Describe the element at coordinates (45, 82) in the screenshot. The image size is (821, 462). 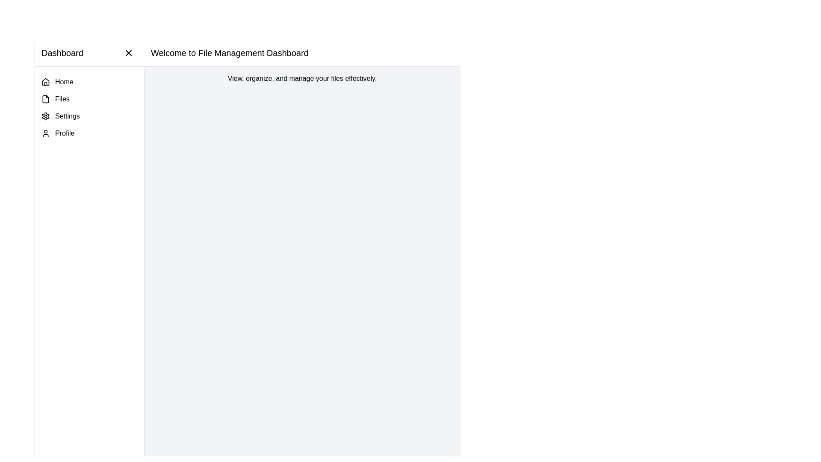
I see `the house icon in the sidebar` at that location.